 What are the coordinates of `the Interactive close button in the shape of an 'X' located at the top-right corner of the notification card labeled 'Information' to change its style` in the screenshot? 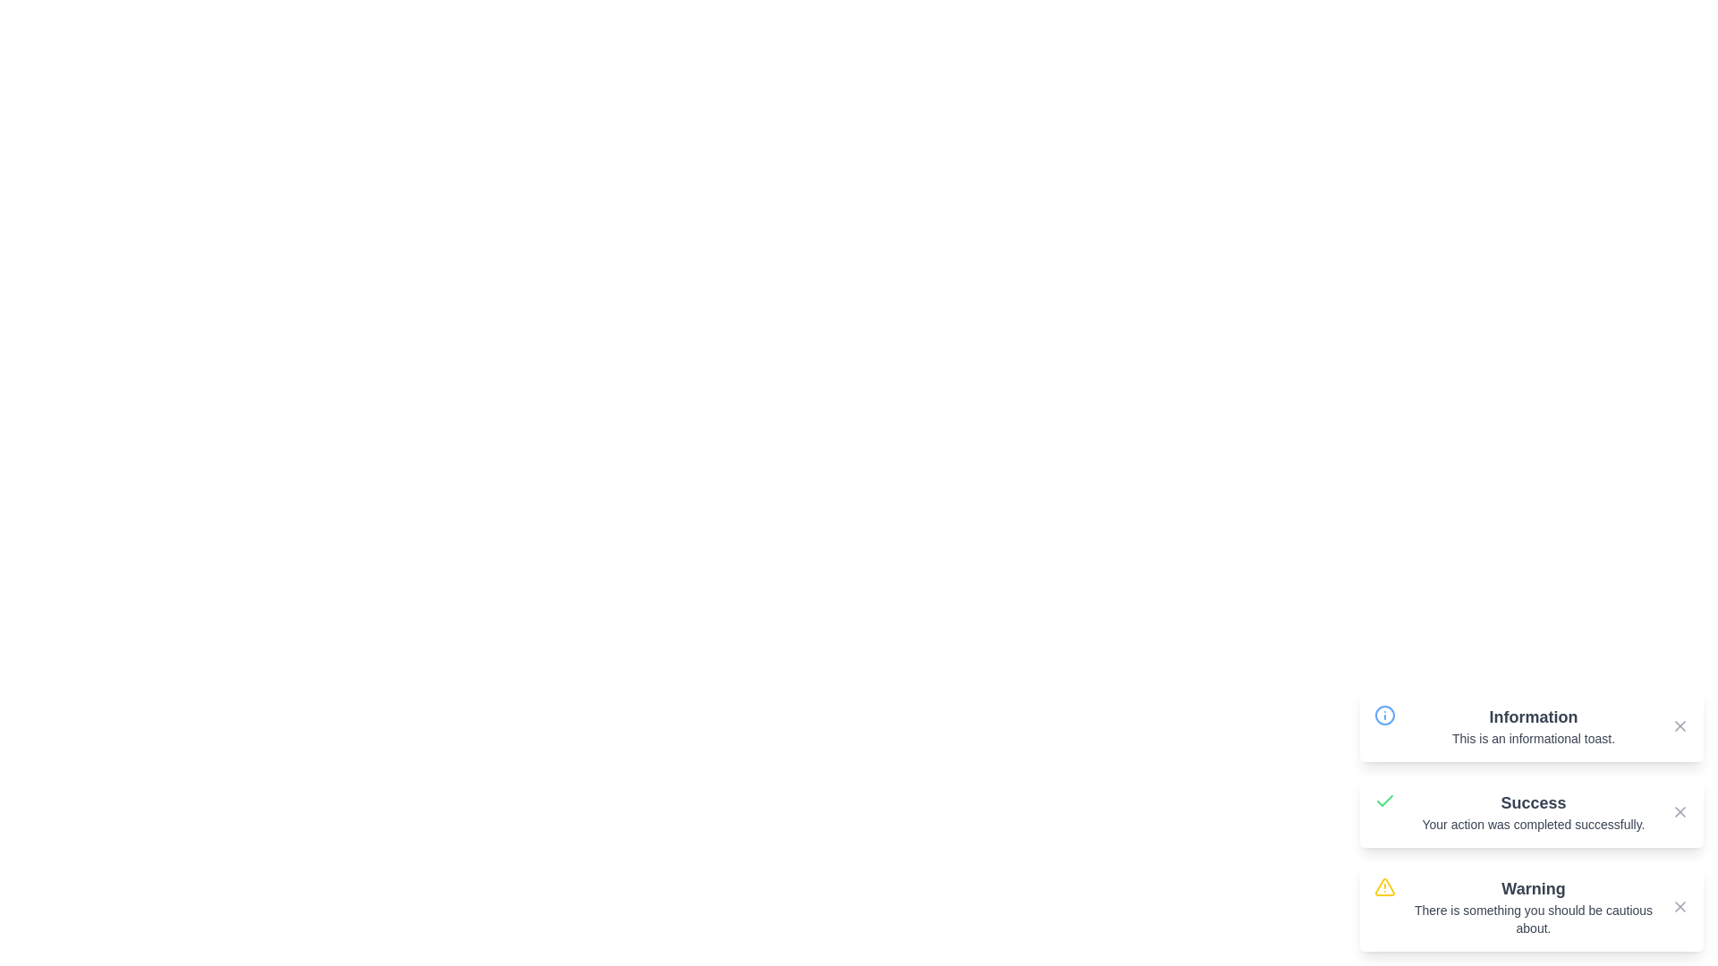 It's located at (1679, 726).